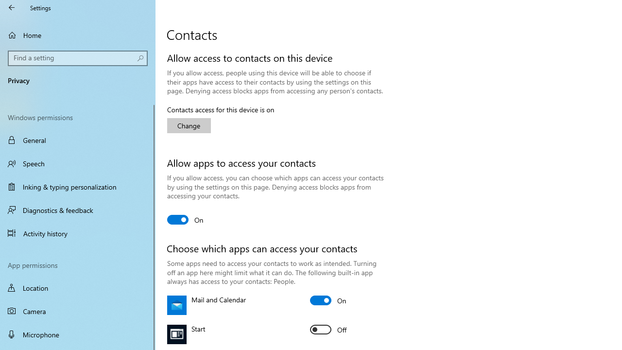 The width and height of the screenshot is (622, 350). Describe the element at coordinates (78, 162) in the screenshot. I see `'Speech'` at that location.